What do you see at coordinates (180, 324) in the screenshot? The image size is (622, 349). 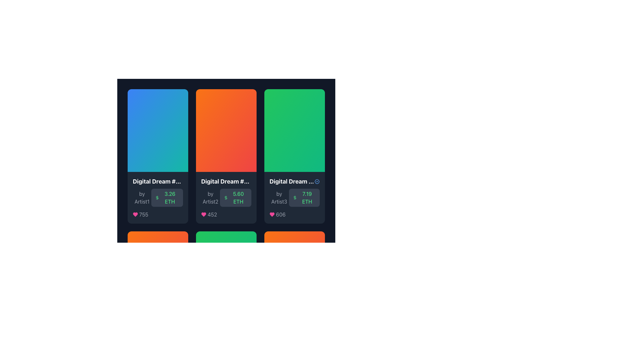 I see `the verification status by clicking on the icon located to the far-right of the text 'Digital Dream #1906'` at bounding box center [180, 324].